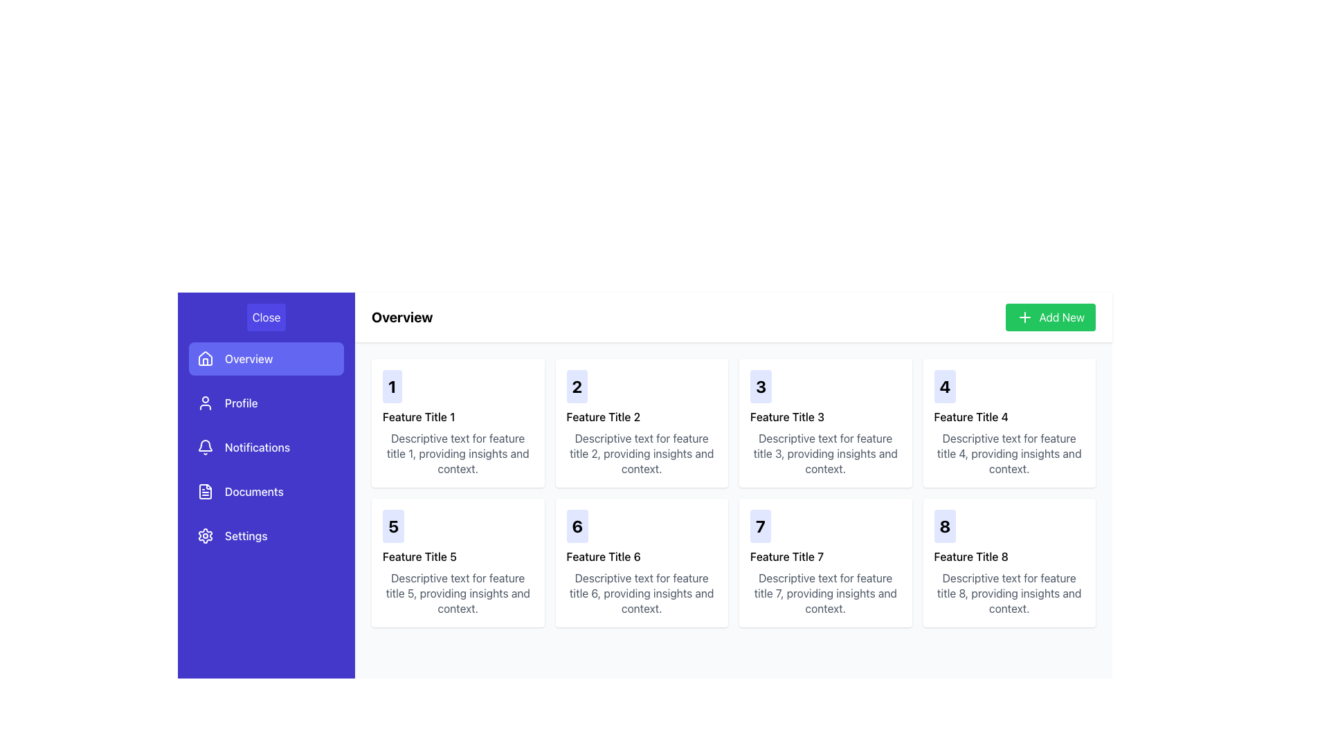  Describe the element at coordinates (458, 562) in the screenshot. I see `the Informational card displaying the number '5' in bold, titled 'Feature Title 5', located in the second row of the grid layout, first card from the left` at that location.